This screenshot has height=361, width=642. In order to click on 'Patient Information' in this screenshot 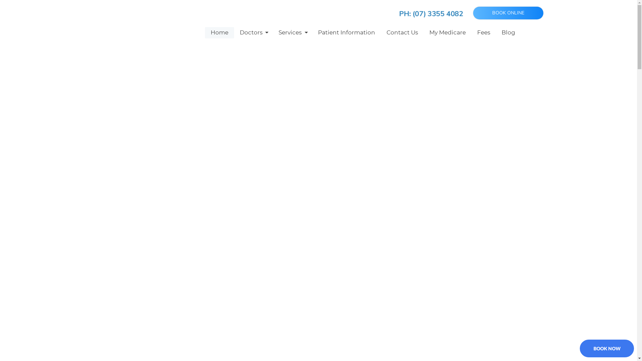, I will do `click(346, 32)`.